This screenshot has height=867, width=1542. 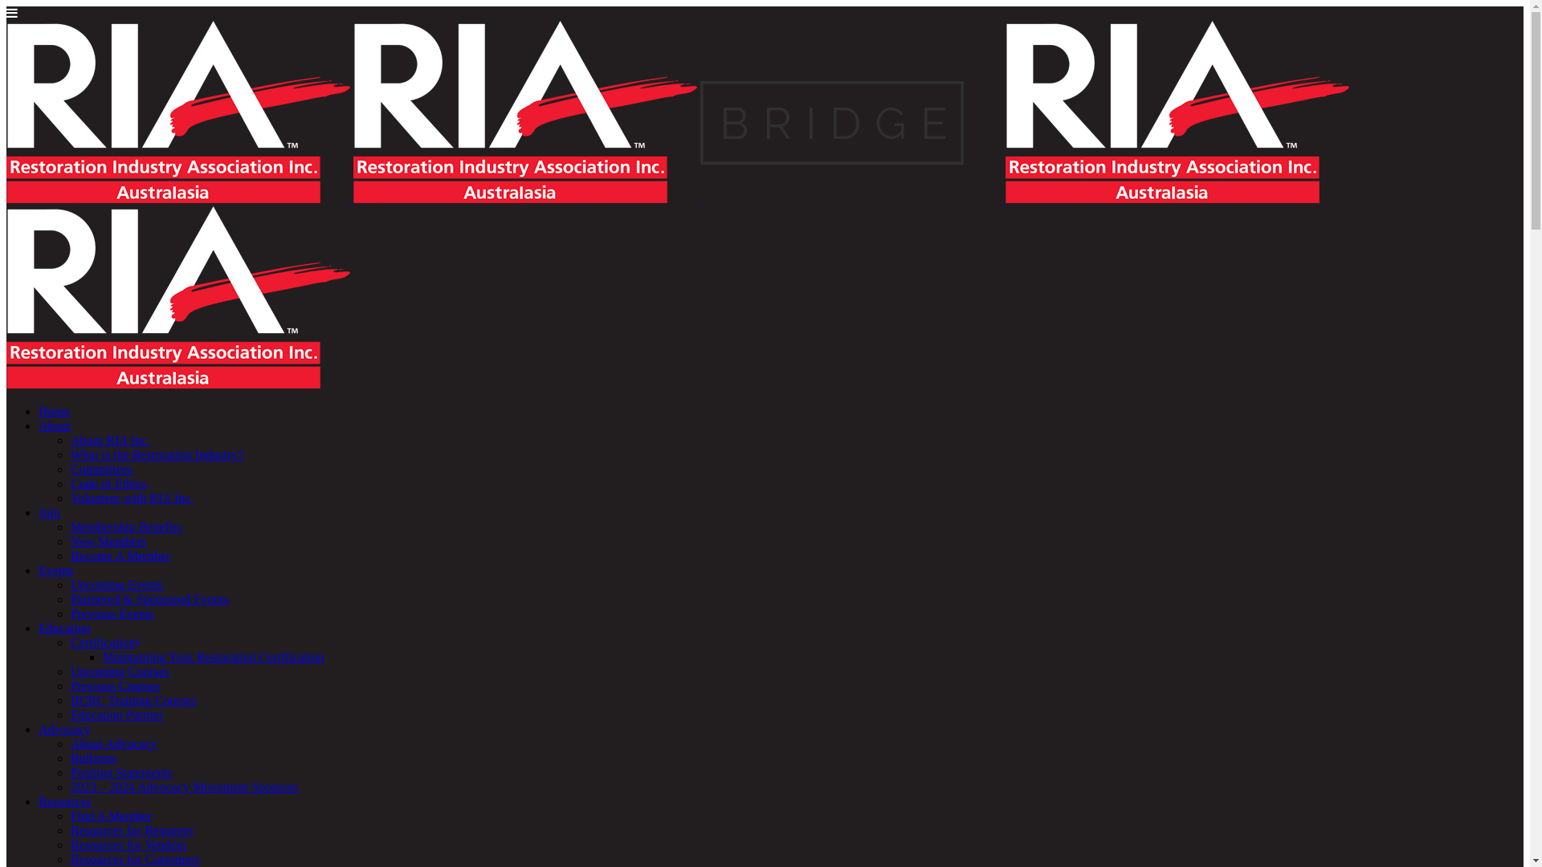 What do you see at coordinates (115, 686) in the screenshot?
I see `'Previous Courses'` at bounding box center [115, 686].